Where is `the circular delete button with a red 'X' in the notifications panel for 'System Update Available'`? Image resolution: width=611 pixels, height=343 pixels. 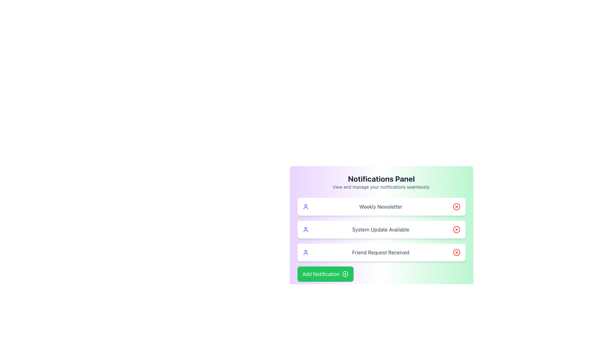
the circular delete button with a red 'X' in the notifications panel for 'System Update Available' is located at coordinates (456, 229).